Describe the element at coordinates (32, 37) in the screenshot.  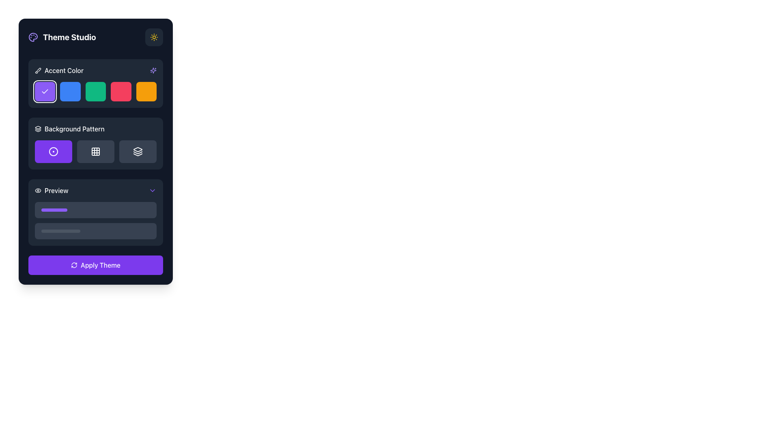
I see `the main body of the painter's palette icon in the toolbar section of the Theme Studio application, located in the top-right corner` at that location.